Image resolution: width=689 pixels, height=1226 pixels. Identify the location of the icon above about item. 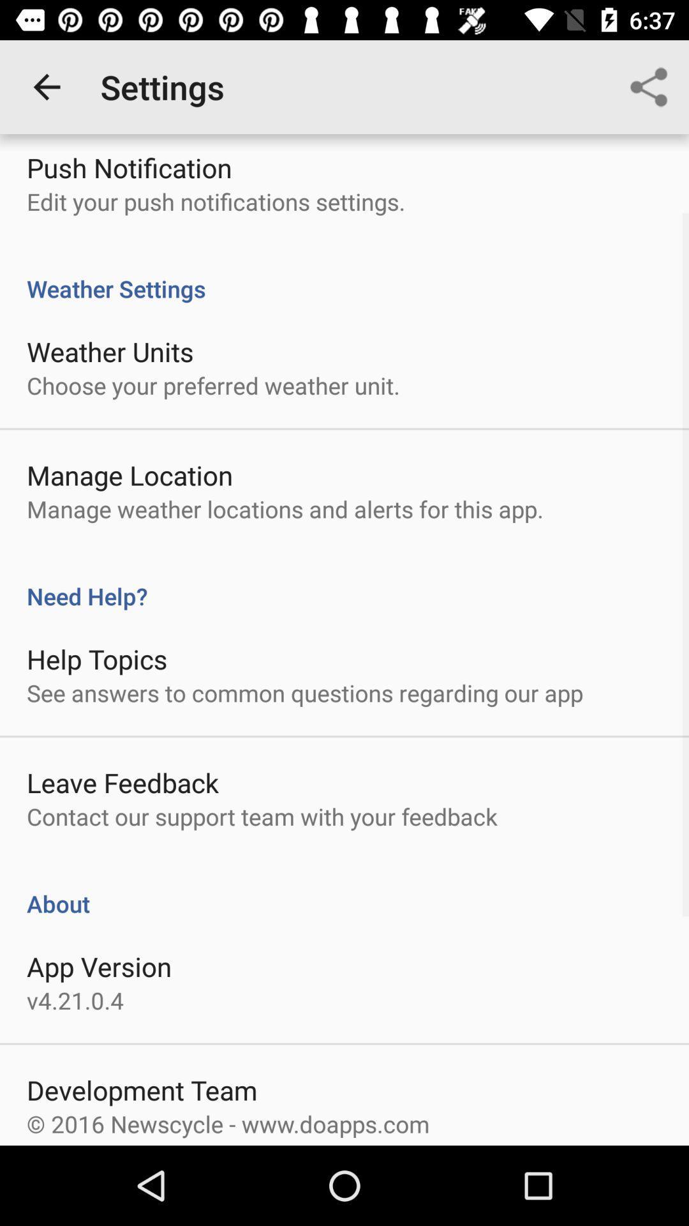
(262, 815).